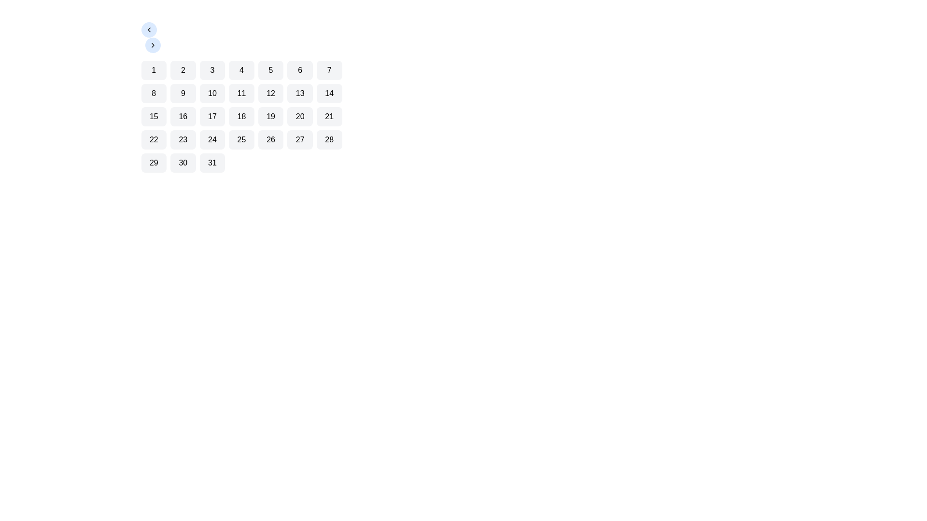 This screenshot has height=521, width=927. What do you see at coordinates (152, 45) in the screenshot?
I see `the second navigation button located above the grid of numbered cells` at bounding box center [152, 45].